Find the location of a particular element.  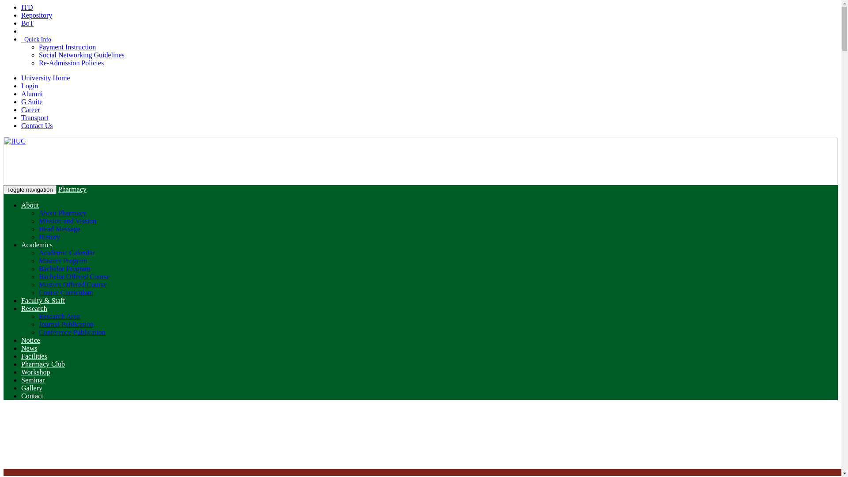

'Journal Publication' is located at coordinates (65, 324).